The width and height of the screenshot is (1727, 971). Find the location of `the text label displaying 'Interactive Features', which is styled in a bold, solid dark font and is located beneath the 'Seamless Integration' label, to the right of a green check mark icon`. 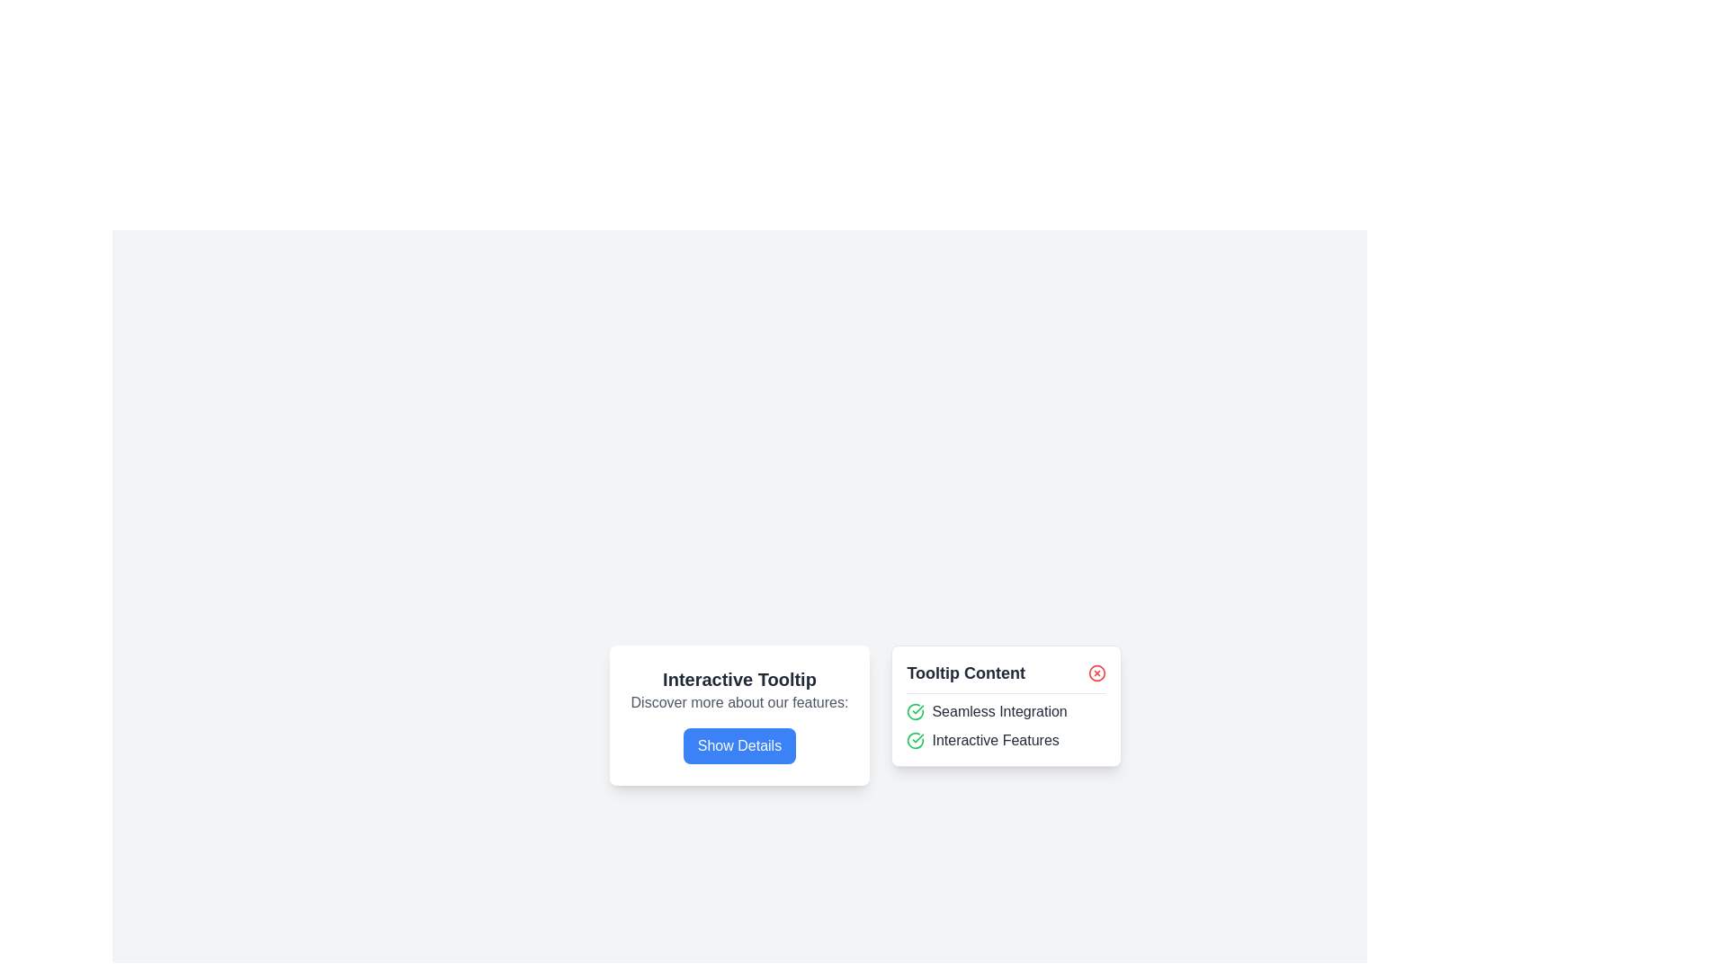

the text label displaying 'Interactive Features', which is styled in a bold, solid dark font and is located beneath the 'Seamless Integration' label, to the right of a green check mark icon is located at coordinates (995, 741).